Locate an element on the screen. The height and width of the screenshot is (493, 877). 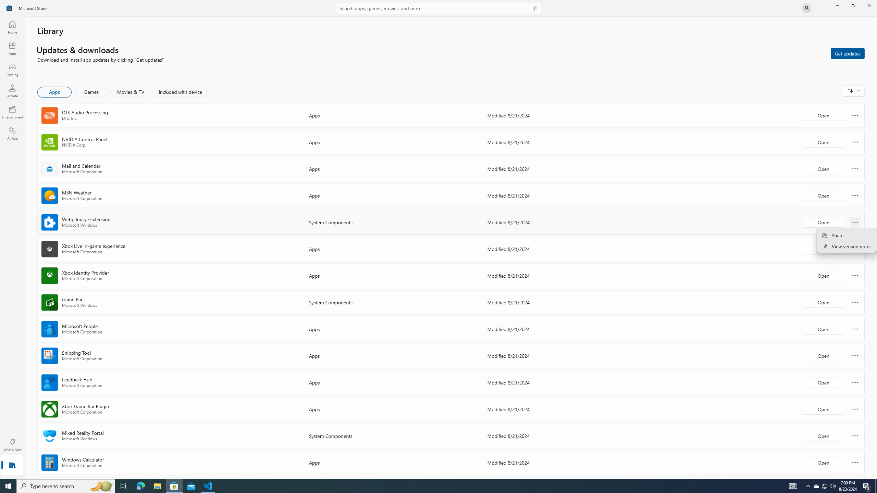
'Get updates' is located at coordinates (848, 53).